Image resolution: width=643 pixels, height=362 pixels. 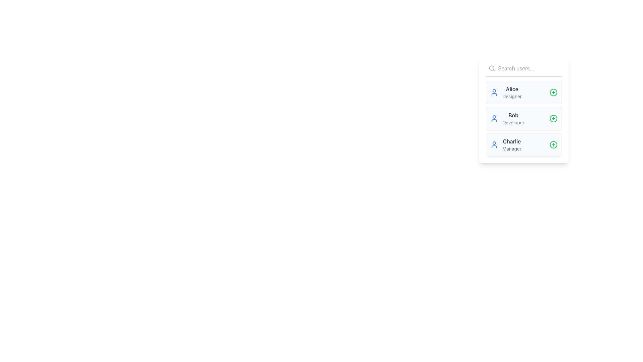 I want to click on text label 'Alice' which is the first text in the user list entry, displayed in bold gray font above the 'Designer' label, so click(x=512, y=89).